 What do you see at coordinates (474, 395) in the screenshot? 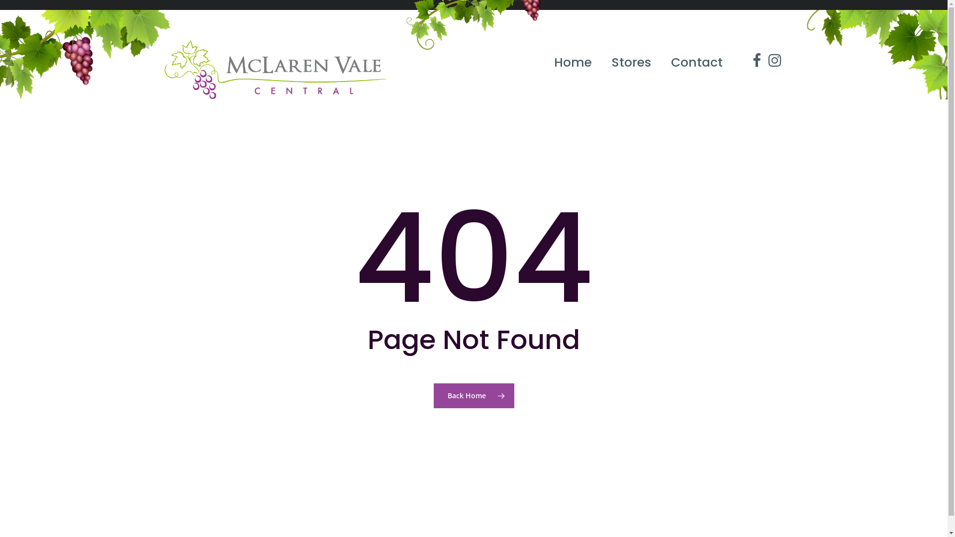
I see `'Back Home'` at bounding box center [474, 395].